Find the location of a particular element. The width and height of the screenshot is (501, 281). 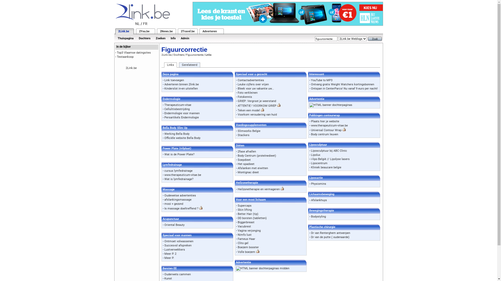

'Kunst' is located at coordinates (168, 278).